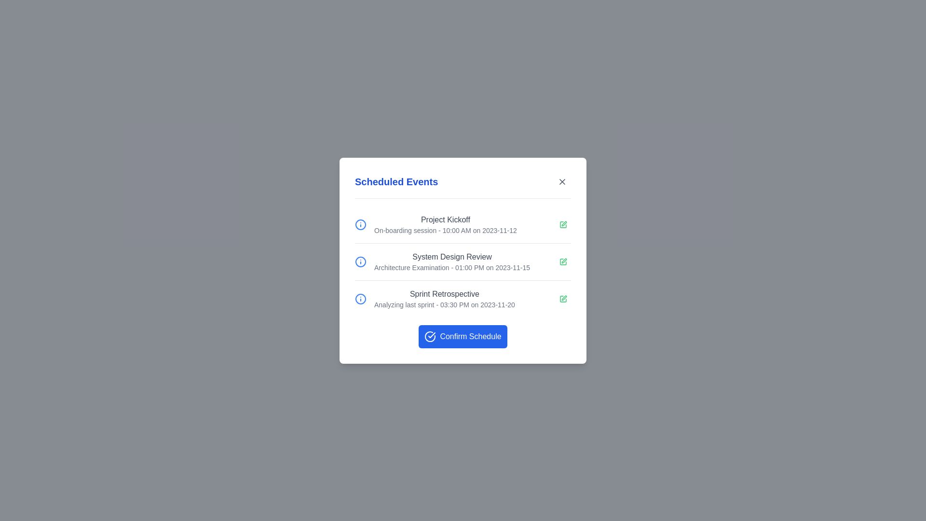 The width and height of the screenshot is (926, 521). Describe the element at coordinates (563, 298) in the screenshot. I see `the interactive element Edit Button for Sprint Retrospective to observe its hover effect` at that location.